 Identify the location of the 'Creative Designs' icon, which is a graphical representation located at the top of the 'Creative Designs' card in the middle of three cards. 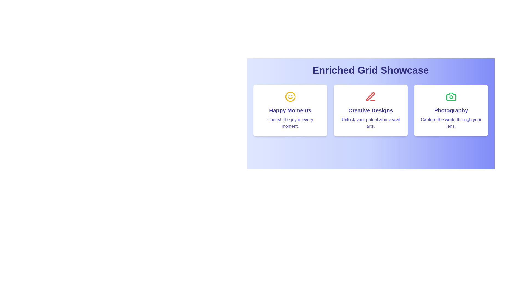
(371, 96).